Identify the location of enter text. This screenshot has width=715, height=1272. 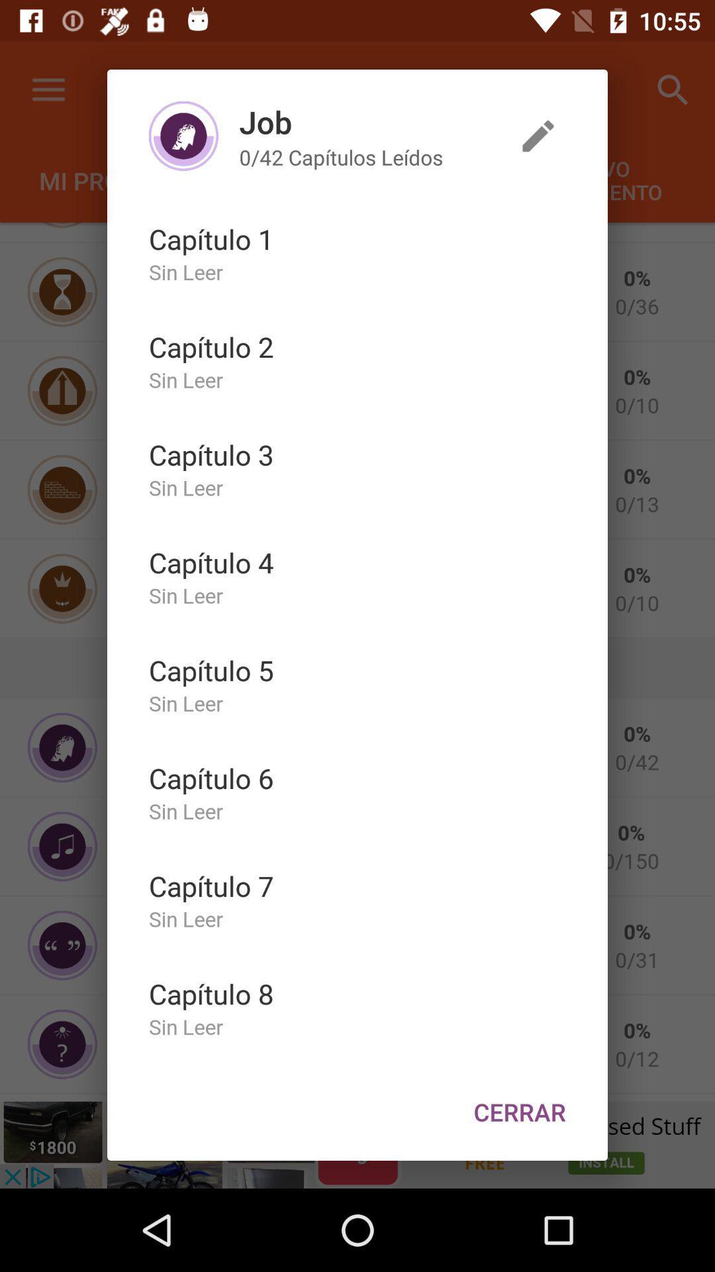
(538, 136).